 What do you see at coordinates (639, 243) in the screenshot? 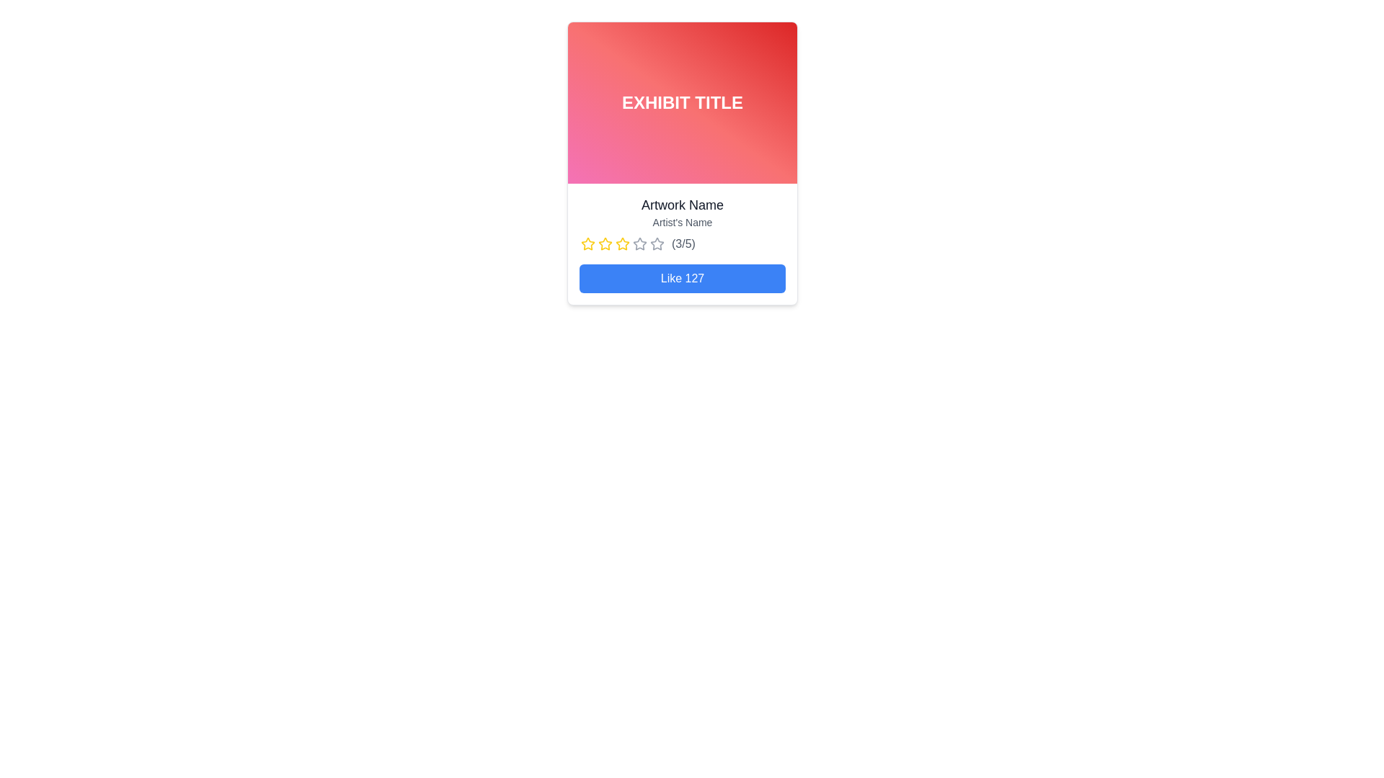
I see `the gray star-shaped icon, which is the sixth star in the rating system, located to the right of five yellow stars and to the left of another gray star` at bounding box center [639, 243].